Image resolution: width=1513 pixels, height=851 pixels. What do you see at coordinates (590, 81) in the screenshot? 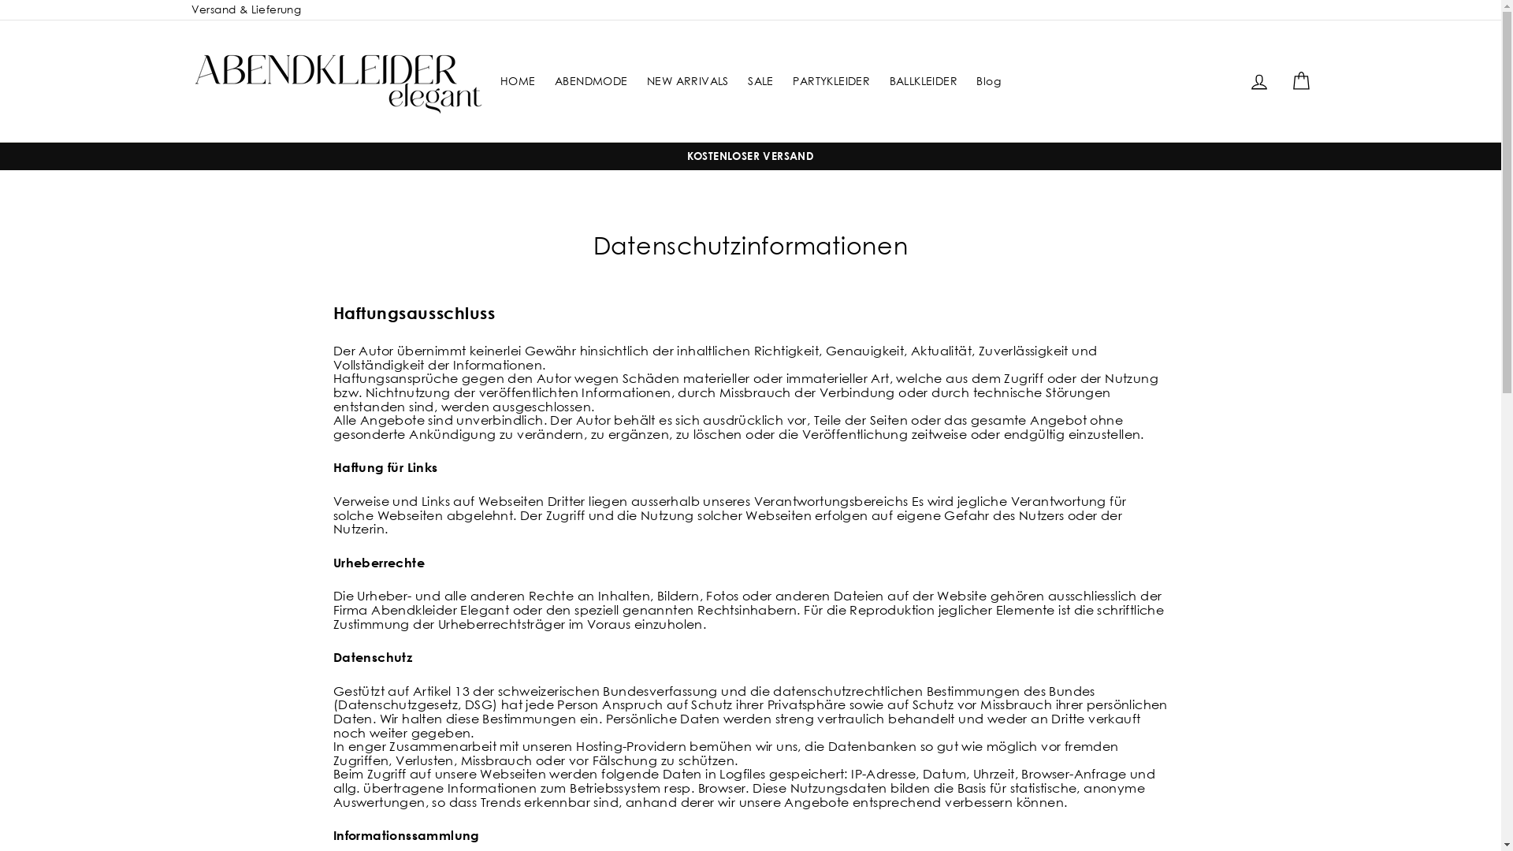
I see `'ABENDMODE'` at bounding box center [590, 81].